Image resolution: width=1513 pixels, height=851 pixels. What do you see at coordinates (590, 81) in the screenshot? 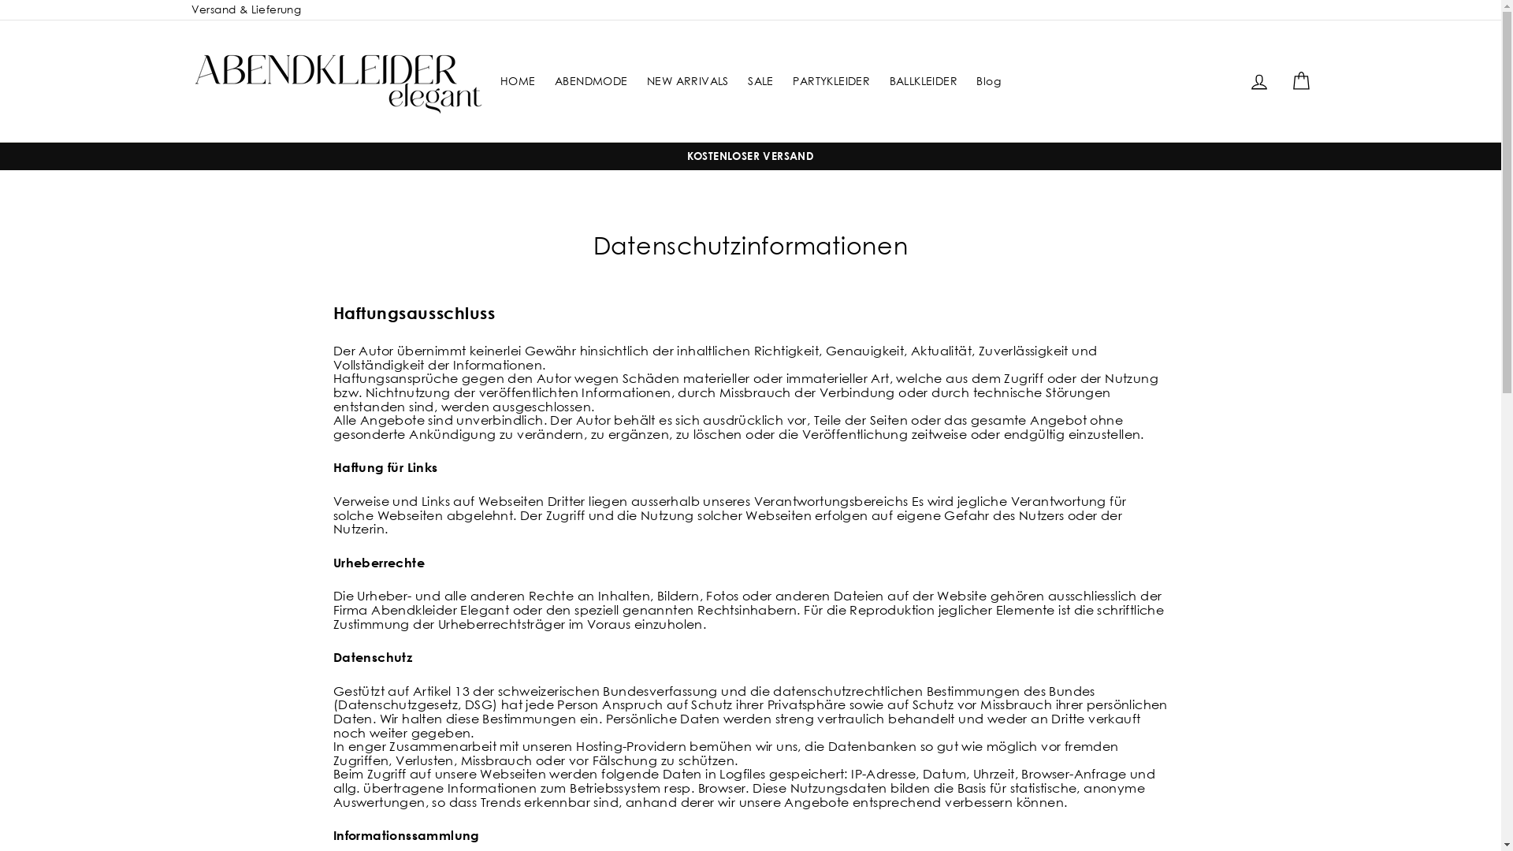
I see `'ABENDMODE'` at bounding box center [590, 81].